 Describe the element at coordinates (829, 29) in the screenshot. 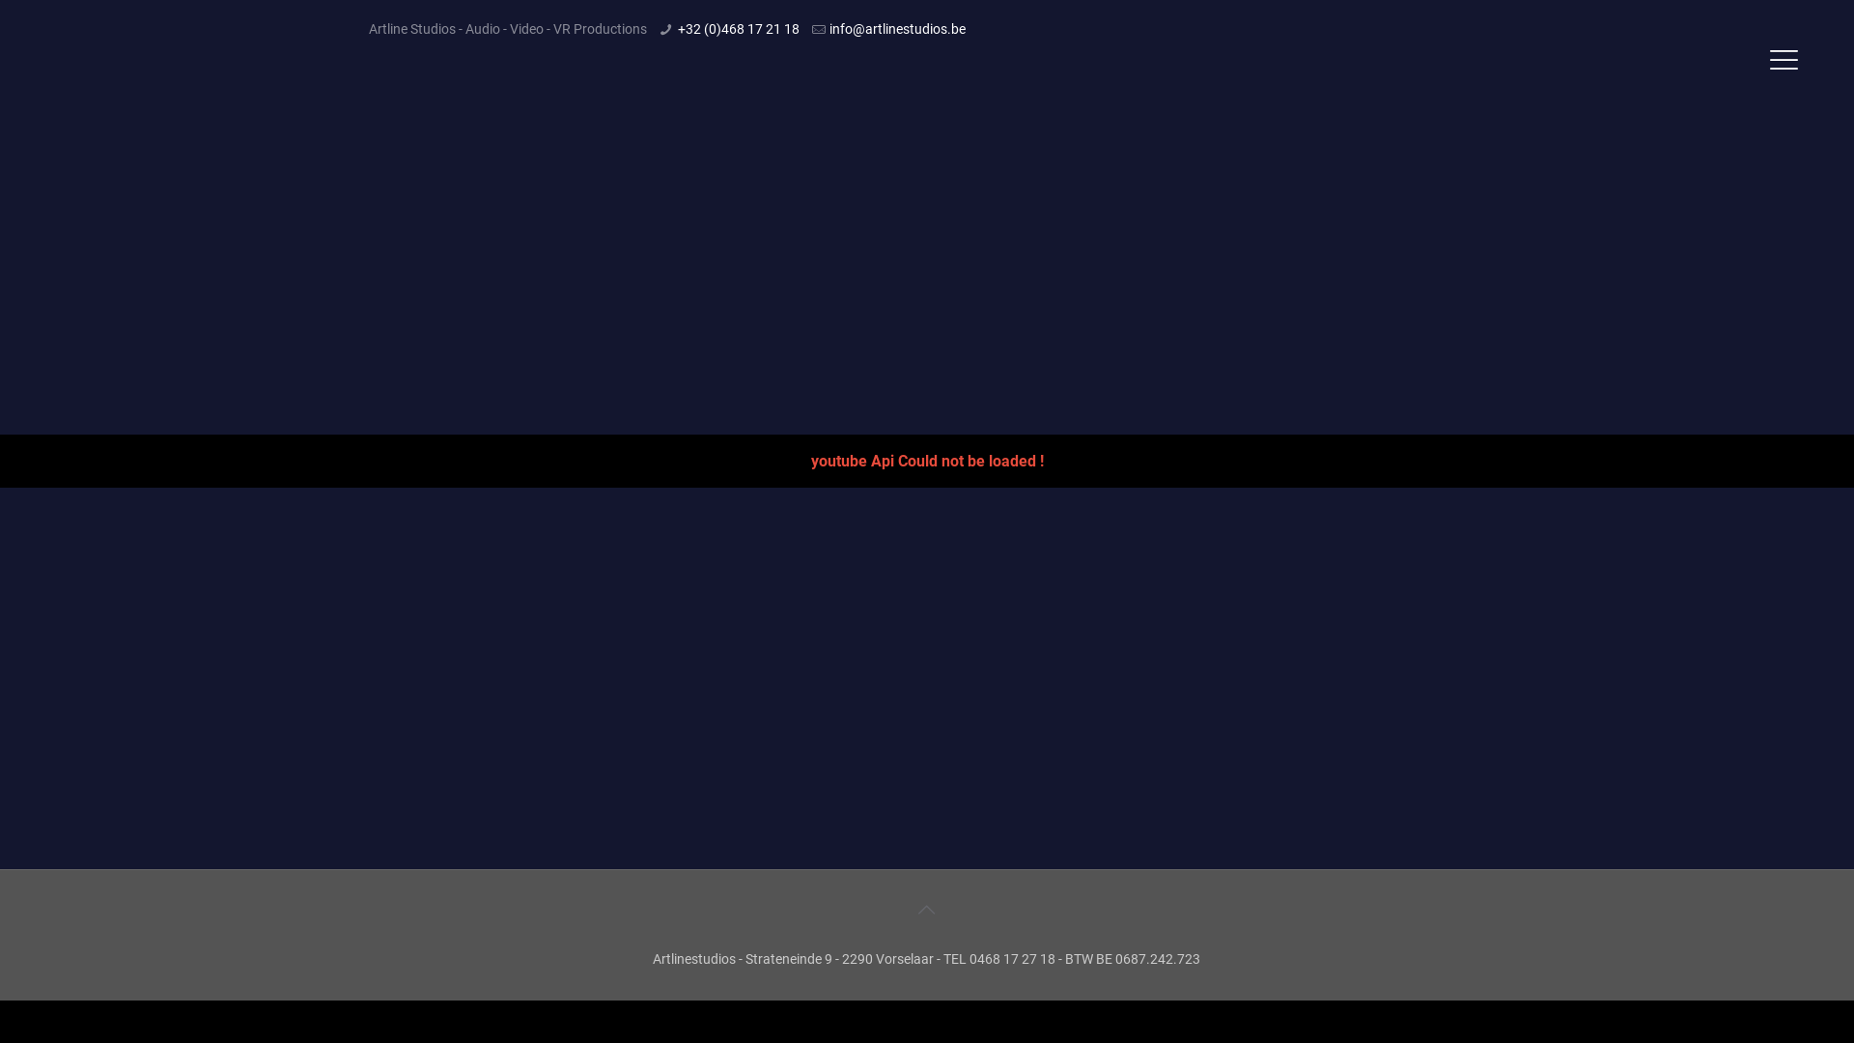

I see `'info@artlinestudios.be'` at that location.